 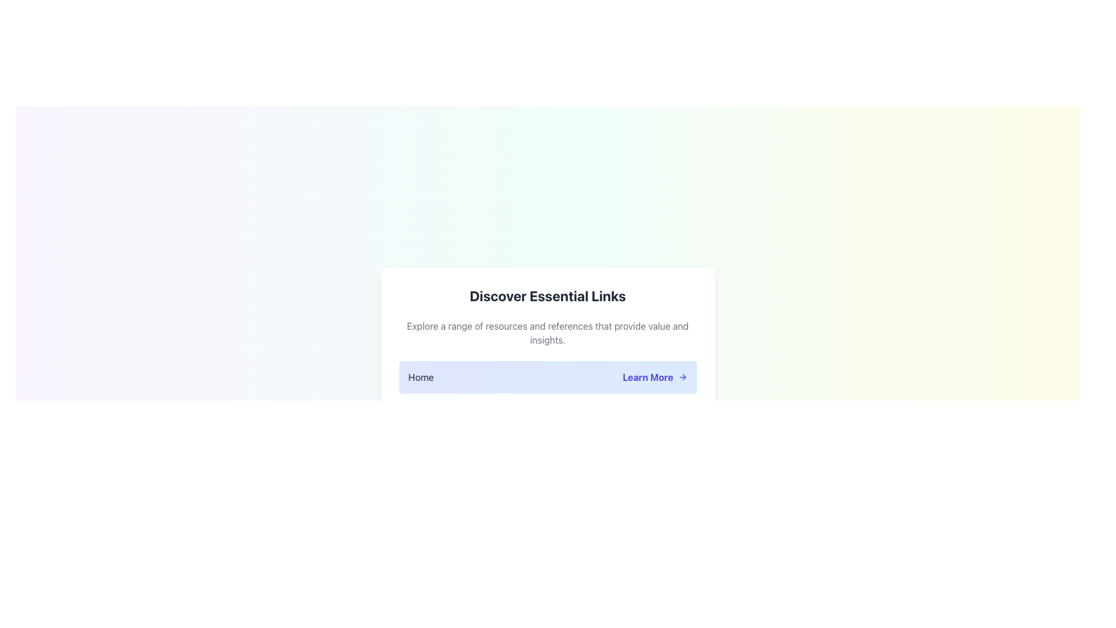 What do you see at coordinates (682, 377) in the screenshot?
I see `the arrow icon located adjacent to the 'Learn More' link in the bottom-right section of the card under the heading 'Discover Essential Links'` at bounding box center [682, 377].